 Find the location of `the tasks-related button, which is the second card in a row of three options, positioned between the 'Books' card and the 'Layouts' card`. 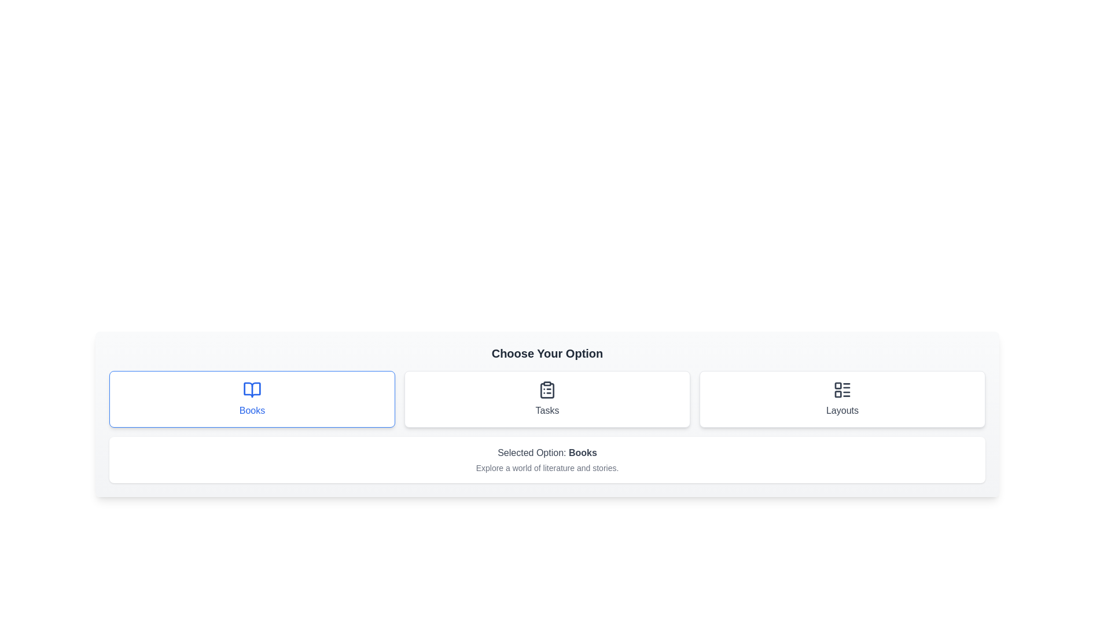

the tasks-related button, which is the second card in a row of three options, positioned between the 'Books' card and the 'Layouts' card is located at coordinates (546, 399).